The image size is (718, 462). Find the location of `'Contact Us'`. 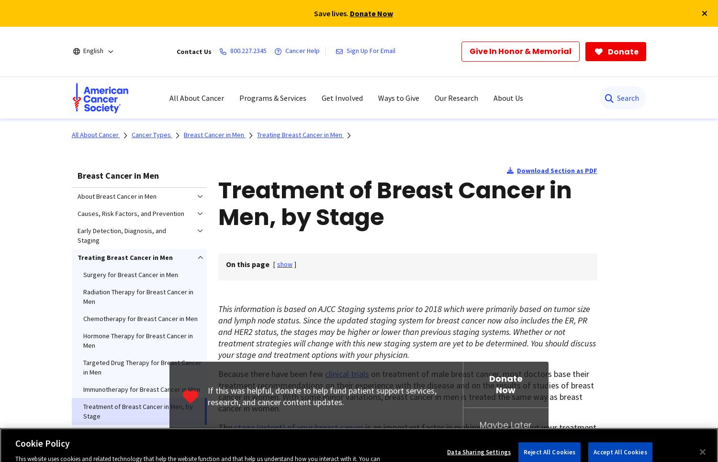

'Contact Us' is located at coordinates (194, 52).